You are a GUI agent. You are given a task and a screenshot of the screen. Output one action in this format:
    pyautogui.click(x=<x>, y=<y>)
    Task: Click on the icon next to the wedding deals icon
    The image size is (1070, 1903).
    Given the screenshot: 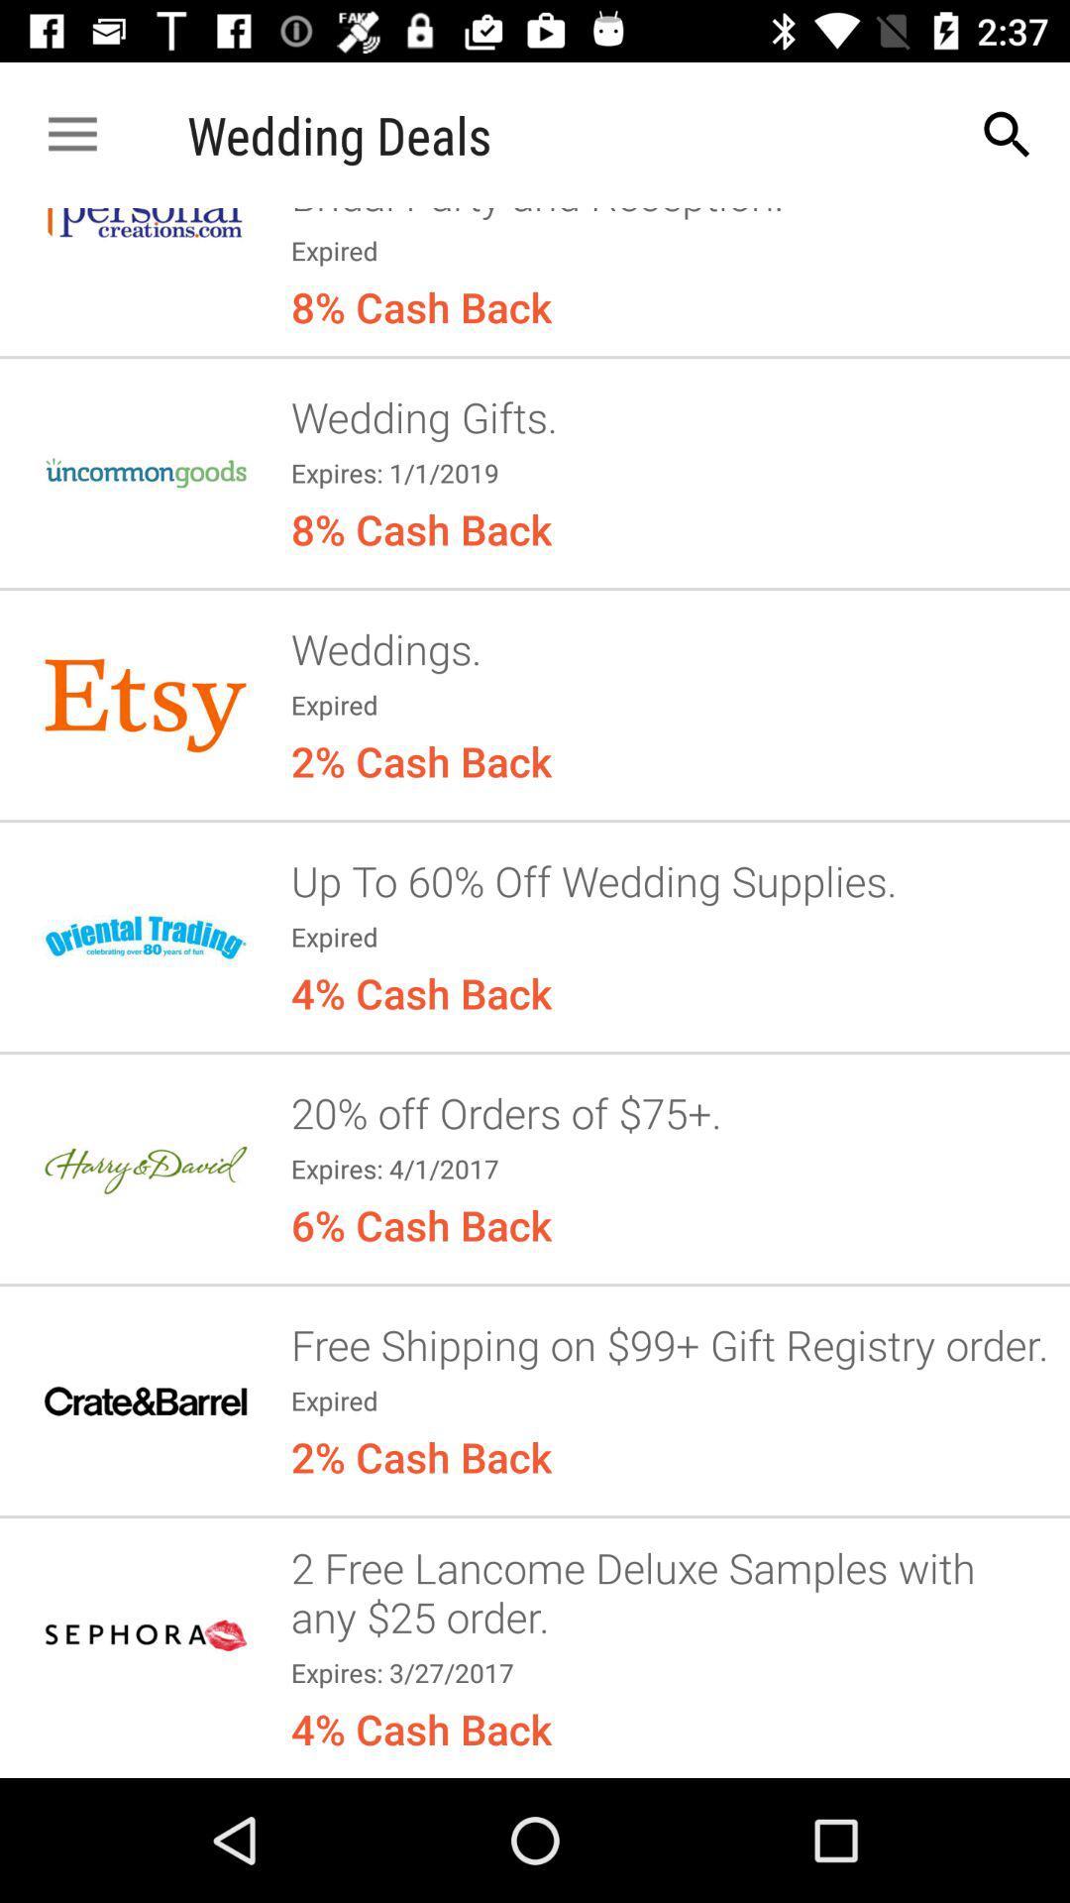 What is the action you would take?
    pyautogui.click(x=1008, y=134)
    